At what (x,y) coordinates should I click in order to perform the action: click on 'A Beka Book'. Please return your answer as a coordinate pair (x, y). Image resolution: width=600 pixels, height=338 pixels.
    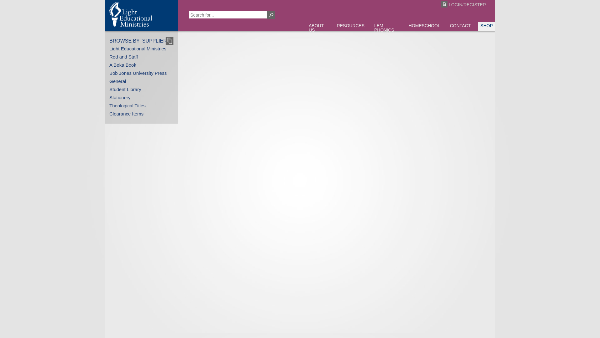
    Looking at the image, I should click on (123, 65).